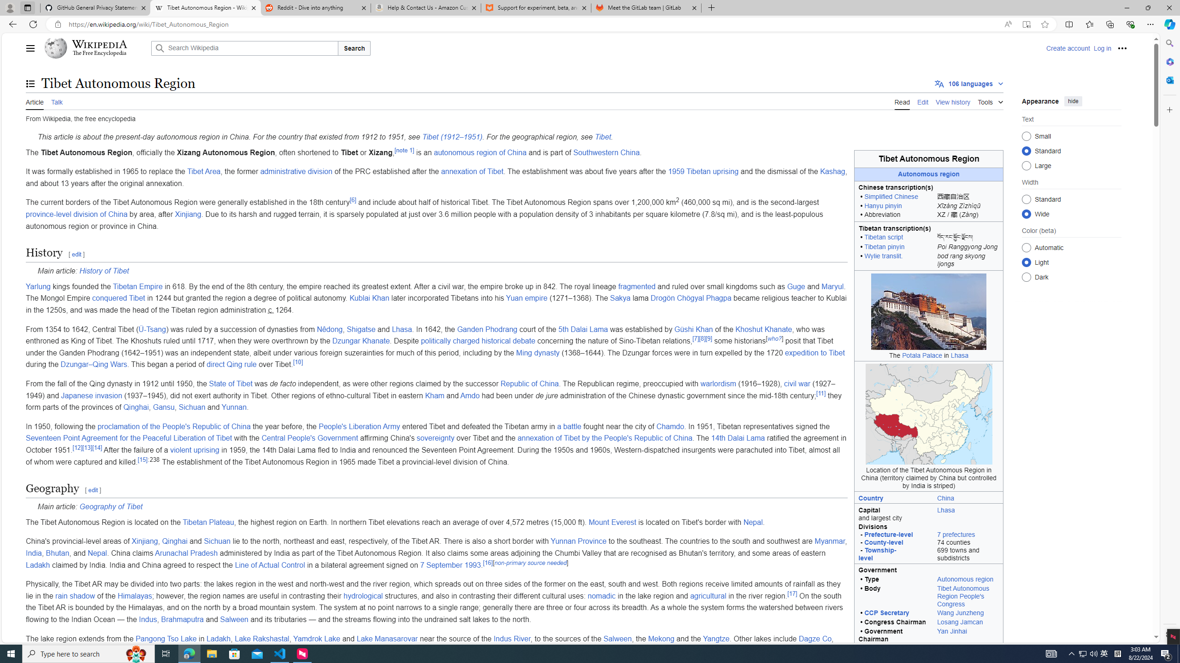  Describe the element at coordinates (34, 101) in the screenshot. I see `'Article'` at that location.